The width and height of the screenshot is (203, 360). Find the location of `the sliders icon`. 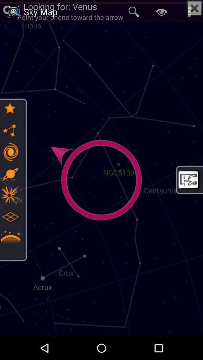

the sliders icon is located at coordinates (10, 151).